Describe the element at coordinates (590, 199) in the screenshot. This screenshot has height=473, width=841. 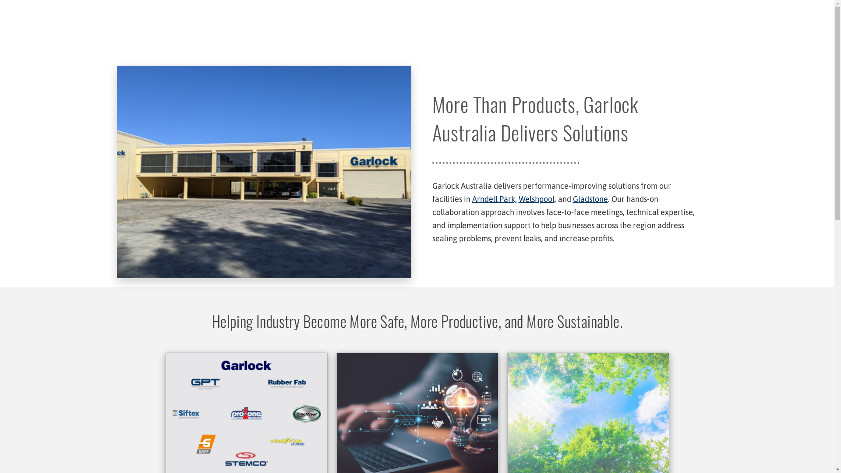
I see `'Gladstone'` at that location.